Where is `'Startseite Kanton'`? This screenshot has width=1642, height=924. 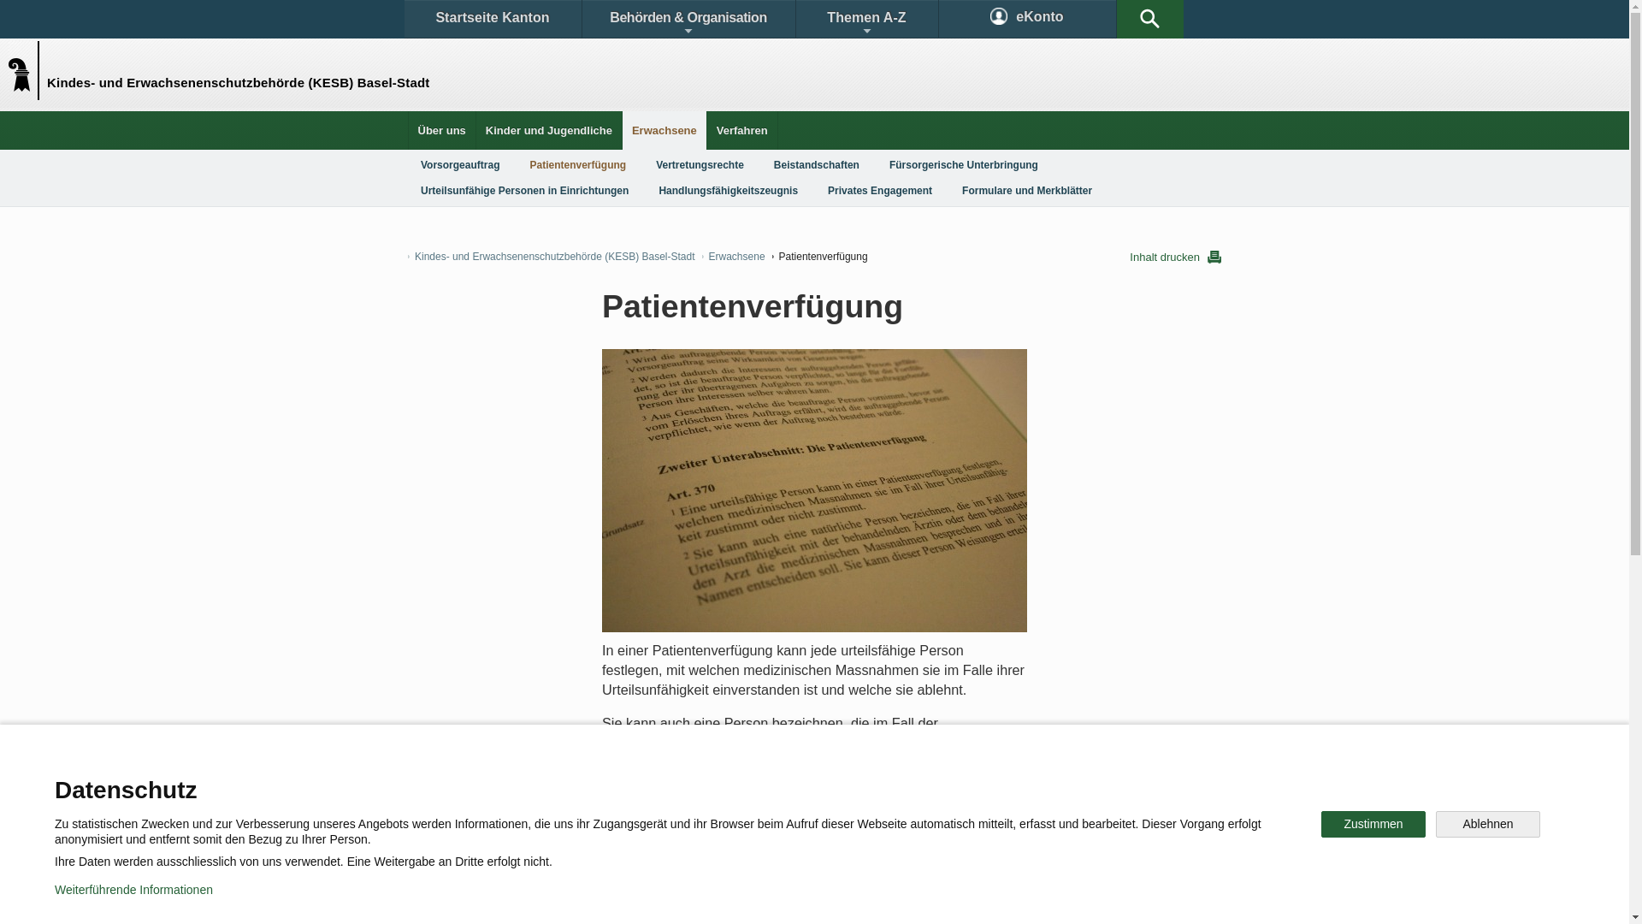 'Startseite Kanton' is located at coordinates (491, 19).